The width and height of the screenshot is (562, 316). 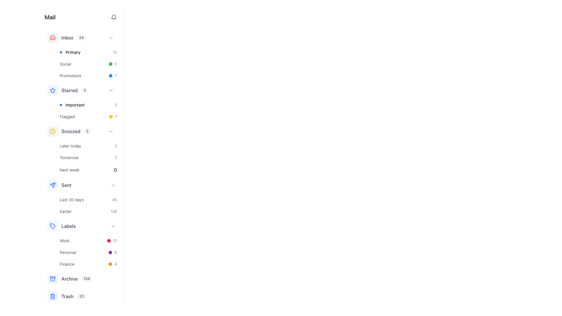 I want to click on the Status indicator located to the left of the number '5' under the 'Social' label in the sidebar section, so click(x=110, y=64).